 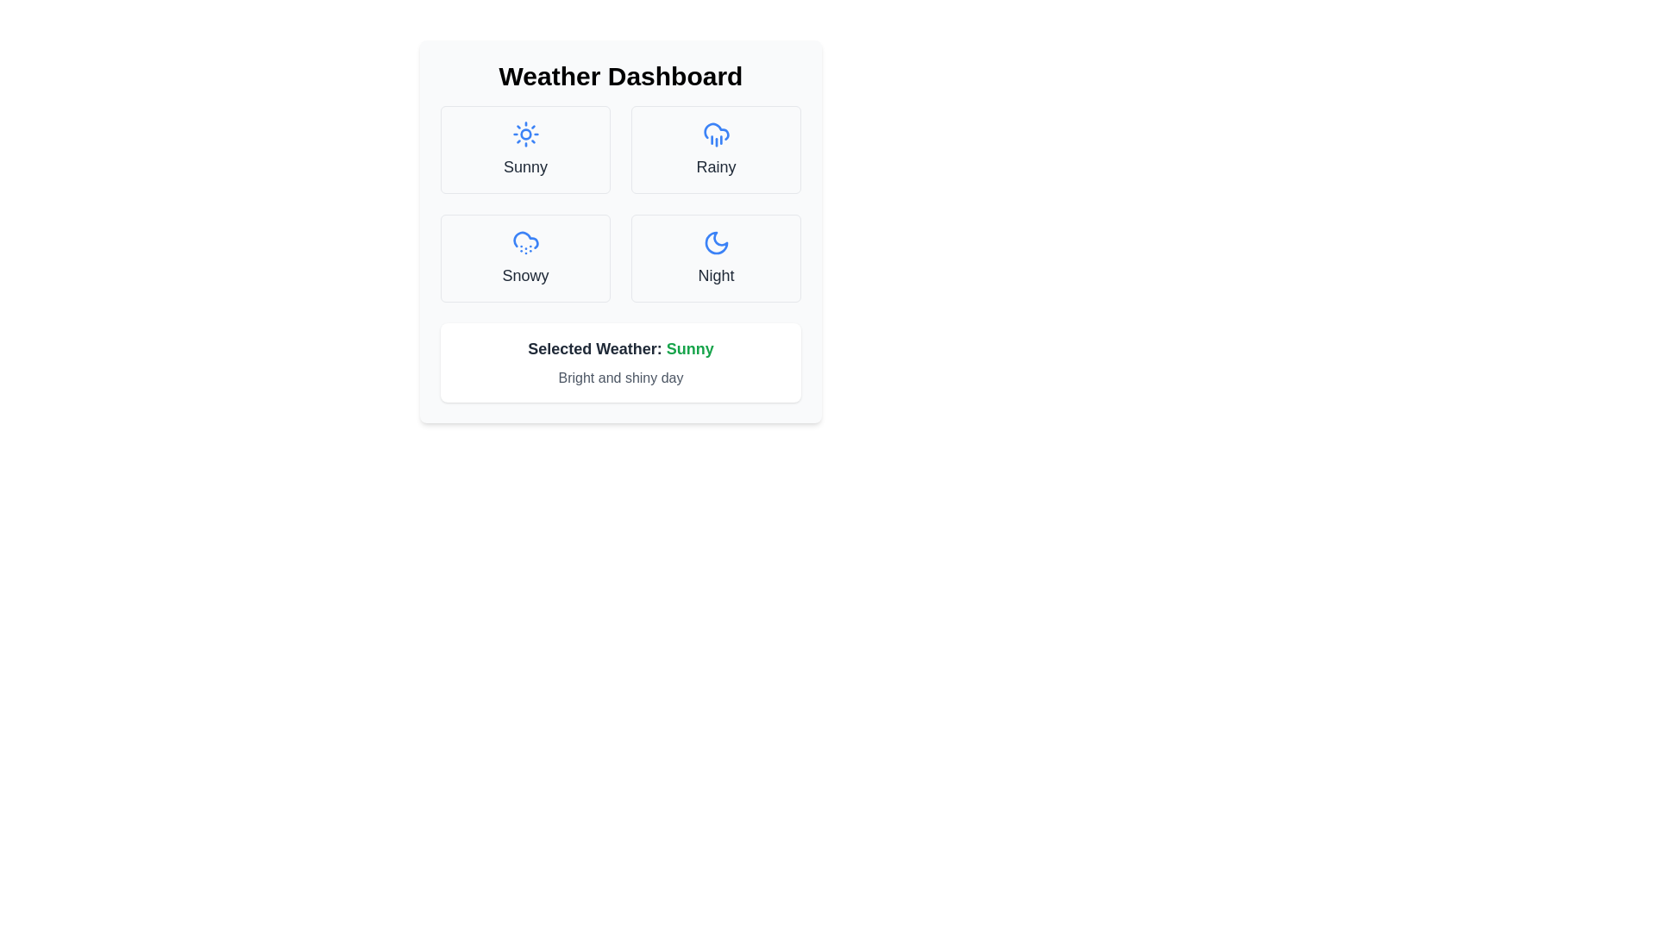 What do you see at coordinates (690, 349) in the screenshot?
I see `the text label indicating the currently chosen weather condition, which displays 'Selected Weather: Sunny' in the 'Selected Weather' section` at bounding box center [690, 349].